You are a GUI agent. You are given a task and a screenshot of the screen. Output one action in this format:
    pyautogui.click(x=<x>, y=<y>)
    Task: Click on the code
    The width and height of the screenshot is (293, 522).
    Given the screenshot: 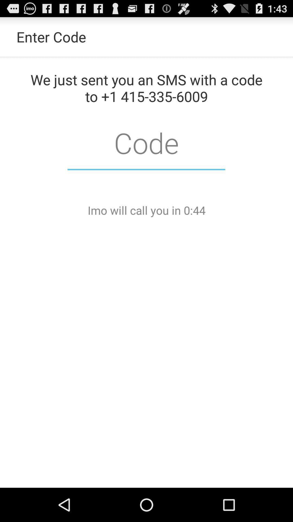 What is the action you would take?
    pyautogui.click(x=146, y=142)
    